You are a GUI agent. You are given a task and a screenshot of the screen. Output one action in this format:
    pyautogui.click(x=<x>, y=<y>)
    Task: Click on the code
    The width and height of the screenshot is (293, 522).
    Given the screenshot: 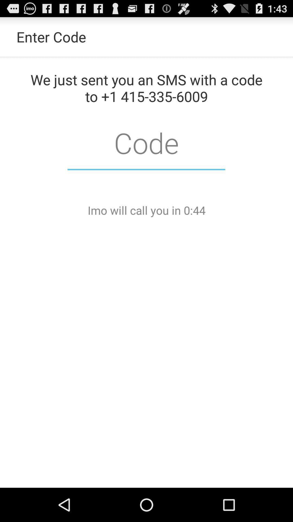 What is the action you would take?
    pyautogui.click(x=146, y=142)
    